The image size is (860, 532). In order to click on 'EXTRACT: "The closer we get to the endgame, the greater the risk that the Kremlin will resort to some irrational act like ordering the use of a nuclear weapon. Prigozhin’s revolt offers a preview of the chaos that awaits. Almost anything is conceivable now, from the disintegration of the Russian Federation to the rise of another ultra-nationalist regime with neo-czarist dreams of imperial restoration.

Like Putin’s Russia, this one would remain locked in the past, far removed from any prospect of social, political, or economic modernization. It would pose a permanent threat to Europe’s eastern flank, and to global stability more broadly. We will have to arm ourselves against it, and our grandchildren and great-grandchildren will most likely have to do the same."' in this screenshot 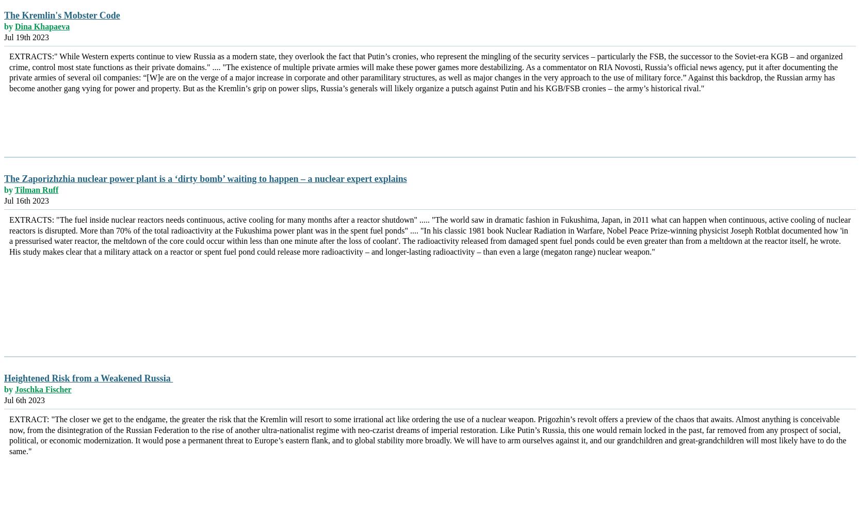, I will do `click(427, 435)`.